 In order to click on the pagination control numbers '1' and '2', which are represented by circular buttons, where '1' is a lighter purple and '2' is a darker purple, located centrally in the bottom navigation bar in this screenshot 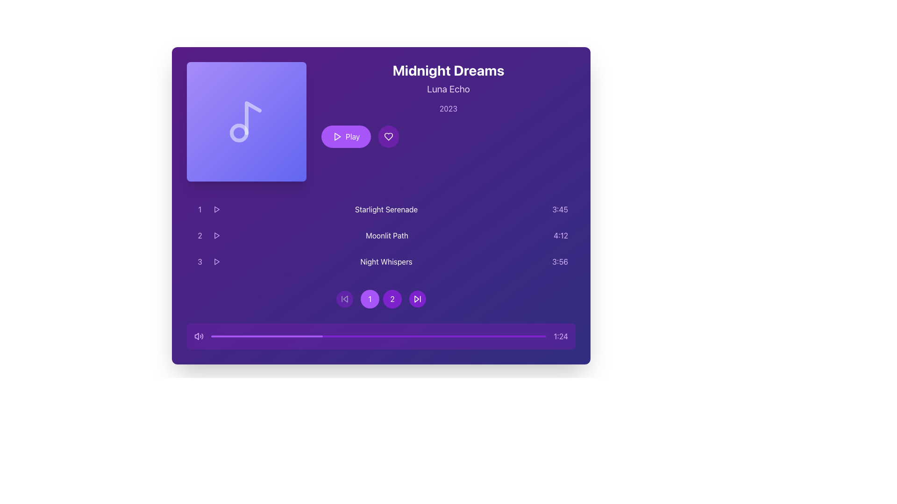, I will do `click(381, 299)`.